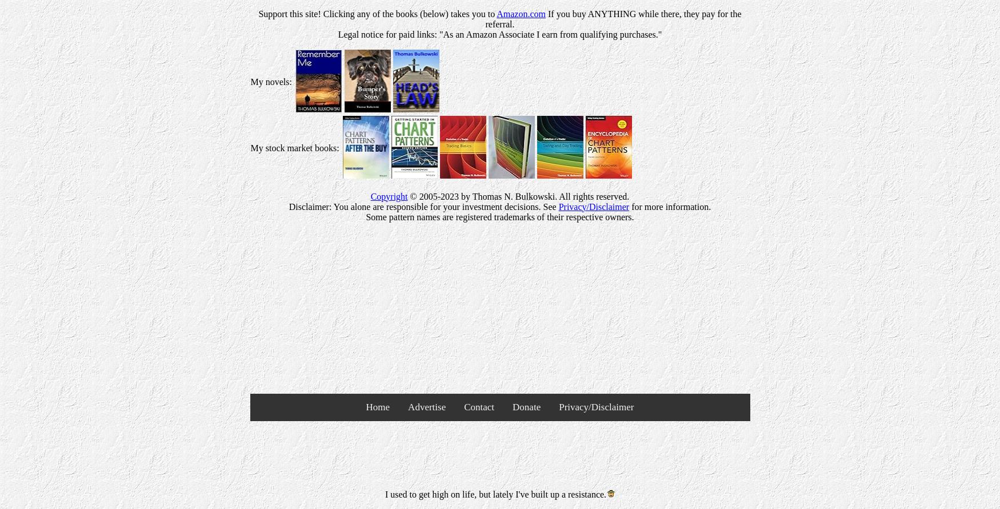  What do you see at coordinates (295, 147) in the screenshot?
I see `'My stock market books:'` at bounding box center [295, 147].